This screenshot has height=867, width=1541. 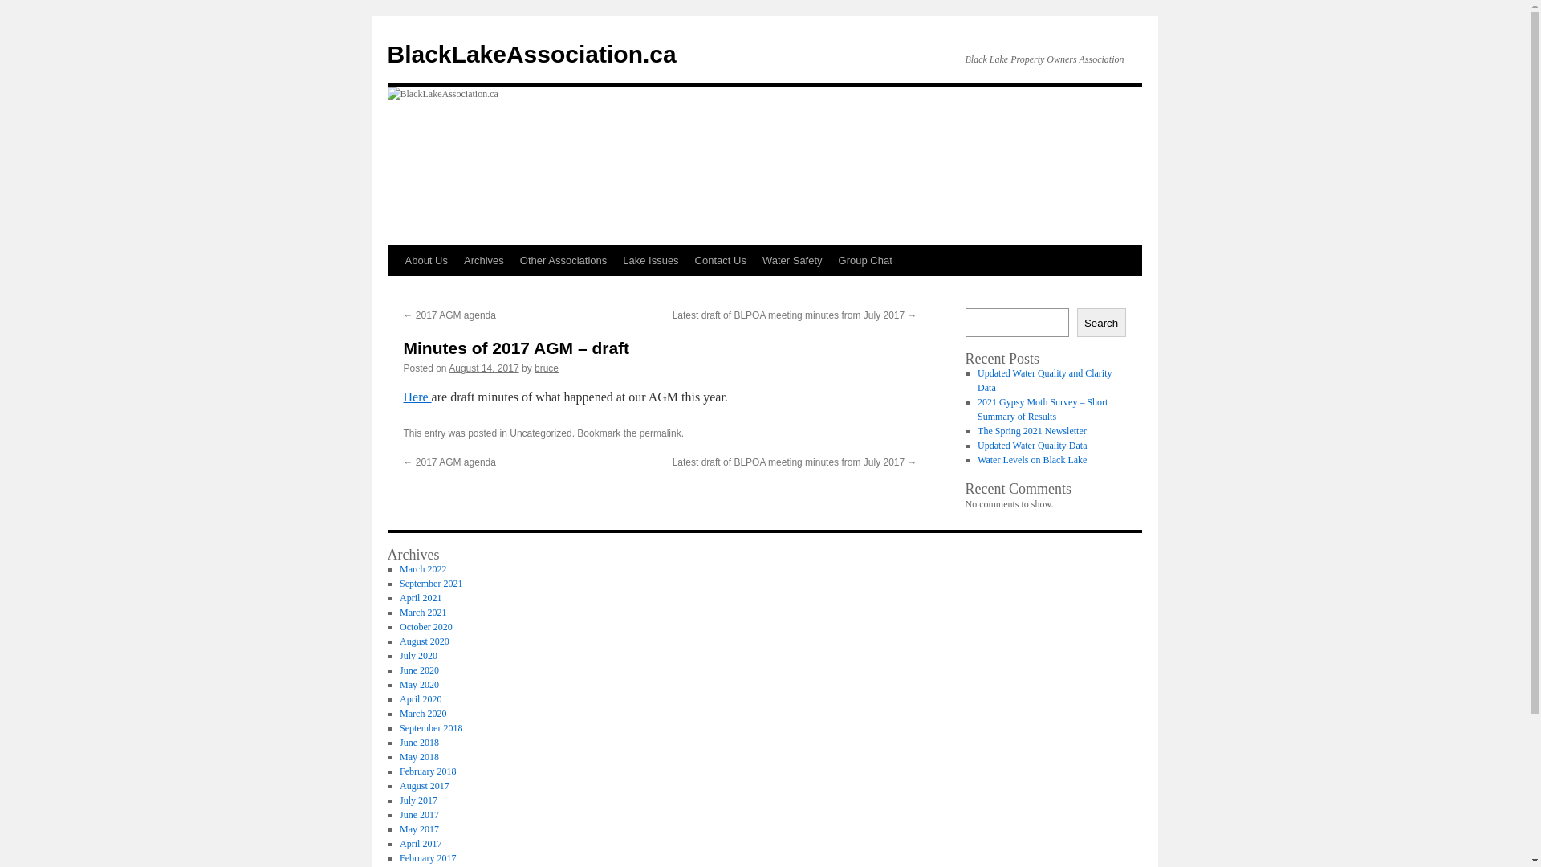 What do you see at coordinates (864, 259) in the screenshot?
I see `'Group Chat'` at bounding box center [864, 259].